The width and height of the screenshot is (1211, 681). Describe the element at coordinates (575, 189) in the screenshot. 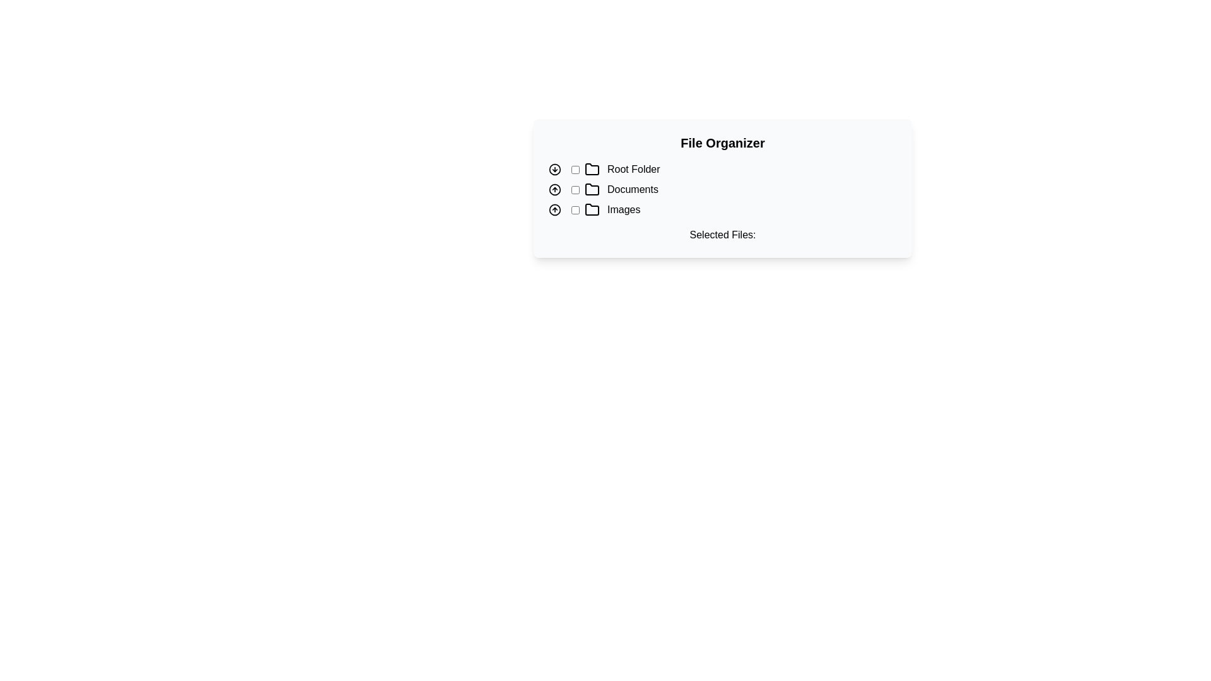

I see `the small, square checkbox located in the 'Documents' row` at that location.